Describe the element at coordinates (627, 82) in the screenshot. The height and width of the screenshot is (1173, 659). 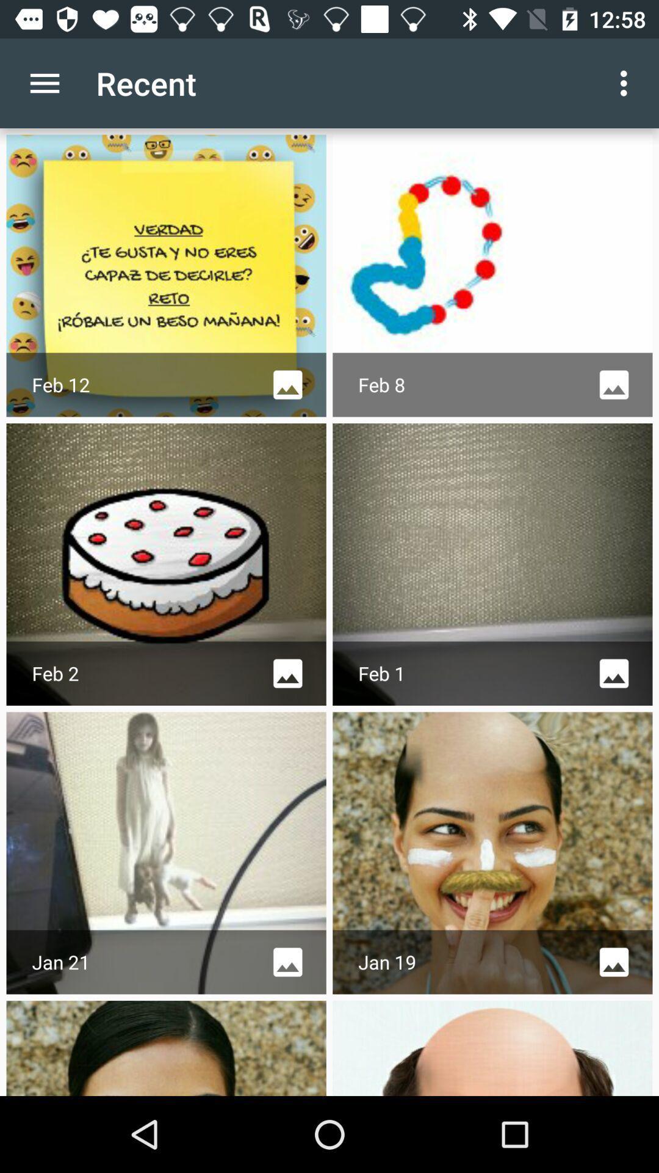
I see `icon next to the recent` at that location.